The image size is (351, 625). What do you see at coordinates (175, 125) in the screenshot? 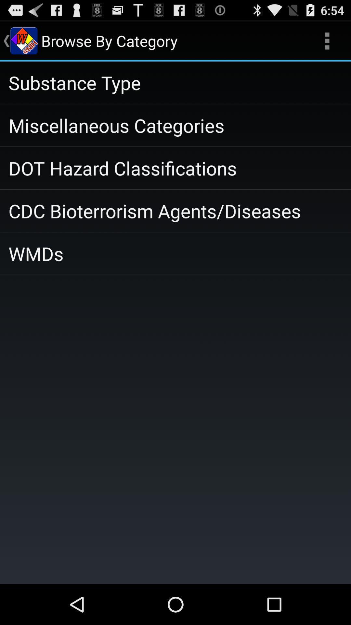
I see `the icon below the substance type icon` at bounding box center [175, 125].